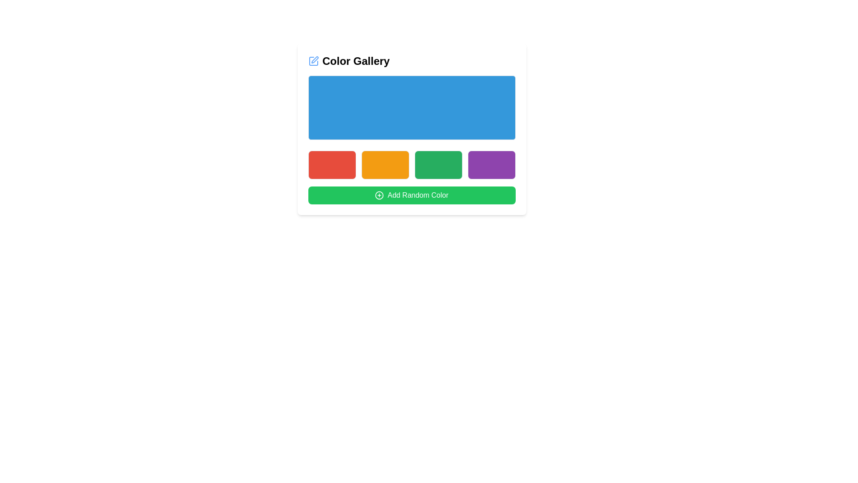 The height and width of the screenshot is (483, 858). What do you see at coordinates (385, 165) in the screenshot?
I see `the orange action button located in the color palette, which is the second button in a row of four, positioned beneath a blue rectangle and above a green button labeled 'Add Random Color'` at bounding box center [385, 165].